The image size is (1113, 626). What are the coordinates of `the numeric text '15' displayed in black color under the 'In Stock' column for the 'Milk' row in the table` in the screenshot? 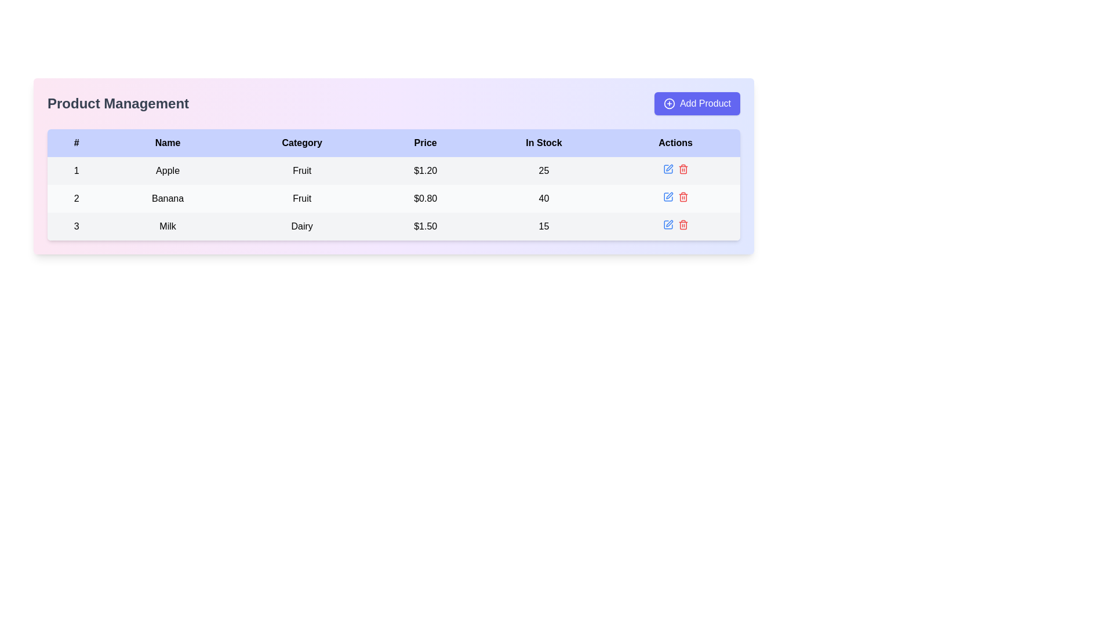 It's located at (543, 226).